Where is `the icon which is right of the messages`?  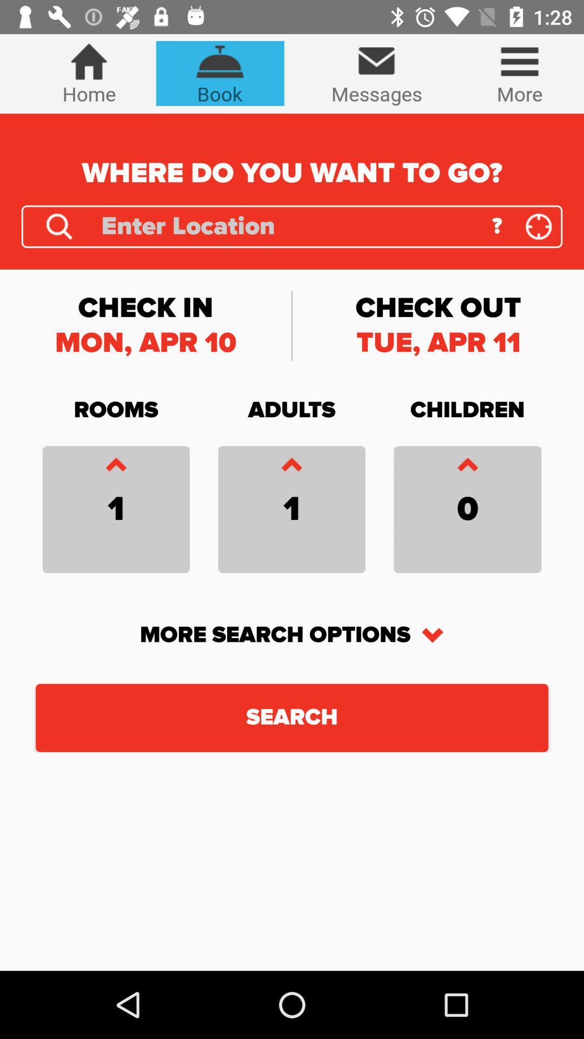 the icon which is right of the messages is located at coordinates (519, 73).